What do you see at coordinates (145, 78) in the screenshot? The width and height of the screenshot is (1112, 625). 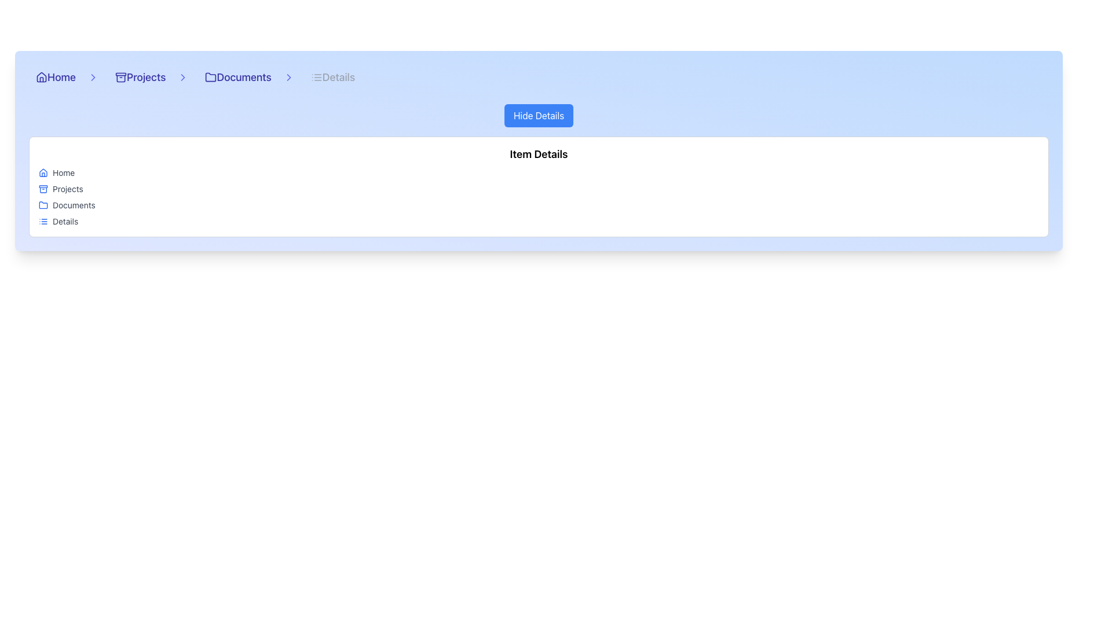 I see `the 'Projects' text label in the breadcrumb navigation` at bounding box center [145, 78].